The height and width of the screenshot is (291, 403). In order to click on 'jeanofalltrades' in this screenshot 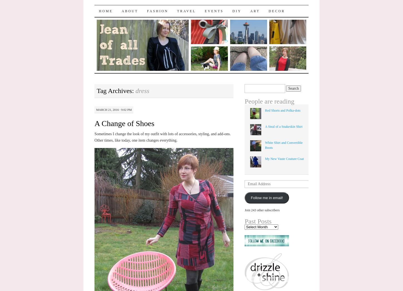, I will do `click(130, 9)`.